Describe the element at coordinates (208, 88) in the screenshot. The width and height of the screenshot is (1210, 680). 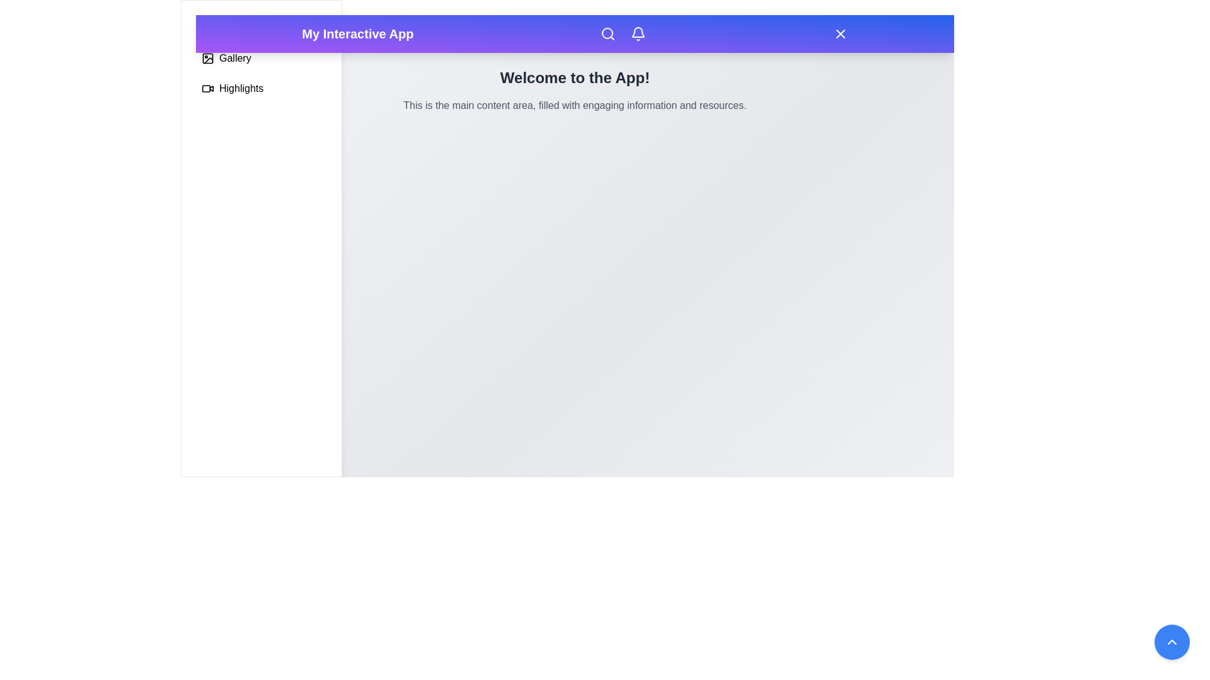
I see `the small video camera icon located in the sidebar next to the text 'Highlights'` at that location.